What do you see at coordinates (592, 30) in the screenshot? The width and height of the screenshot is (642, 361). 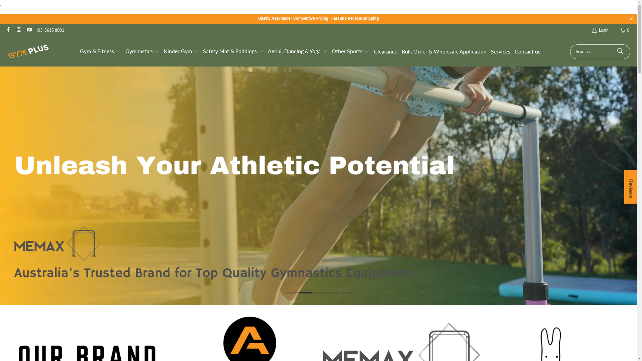 I see `'Login'` at bounding box center [592, 30].